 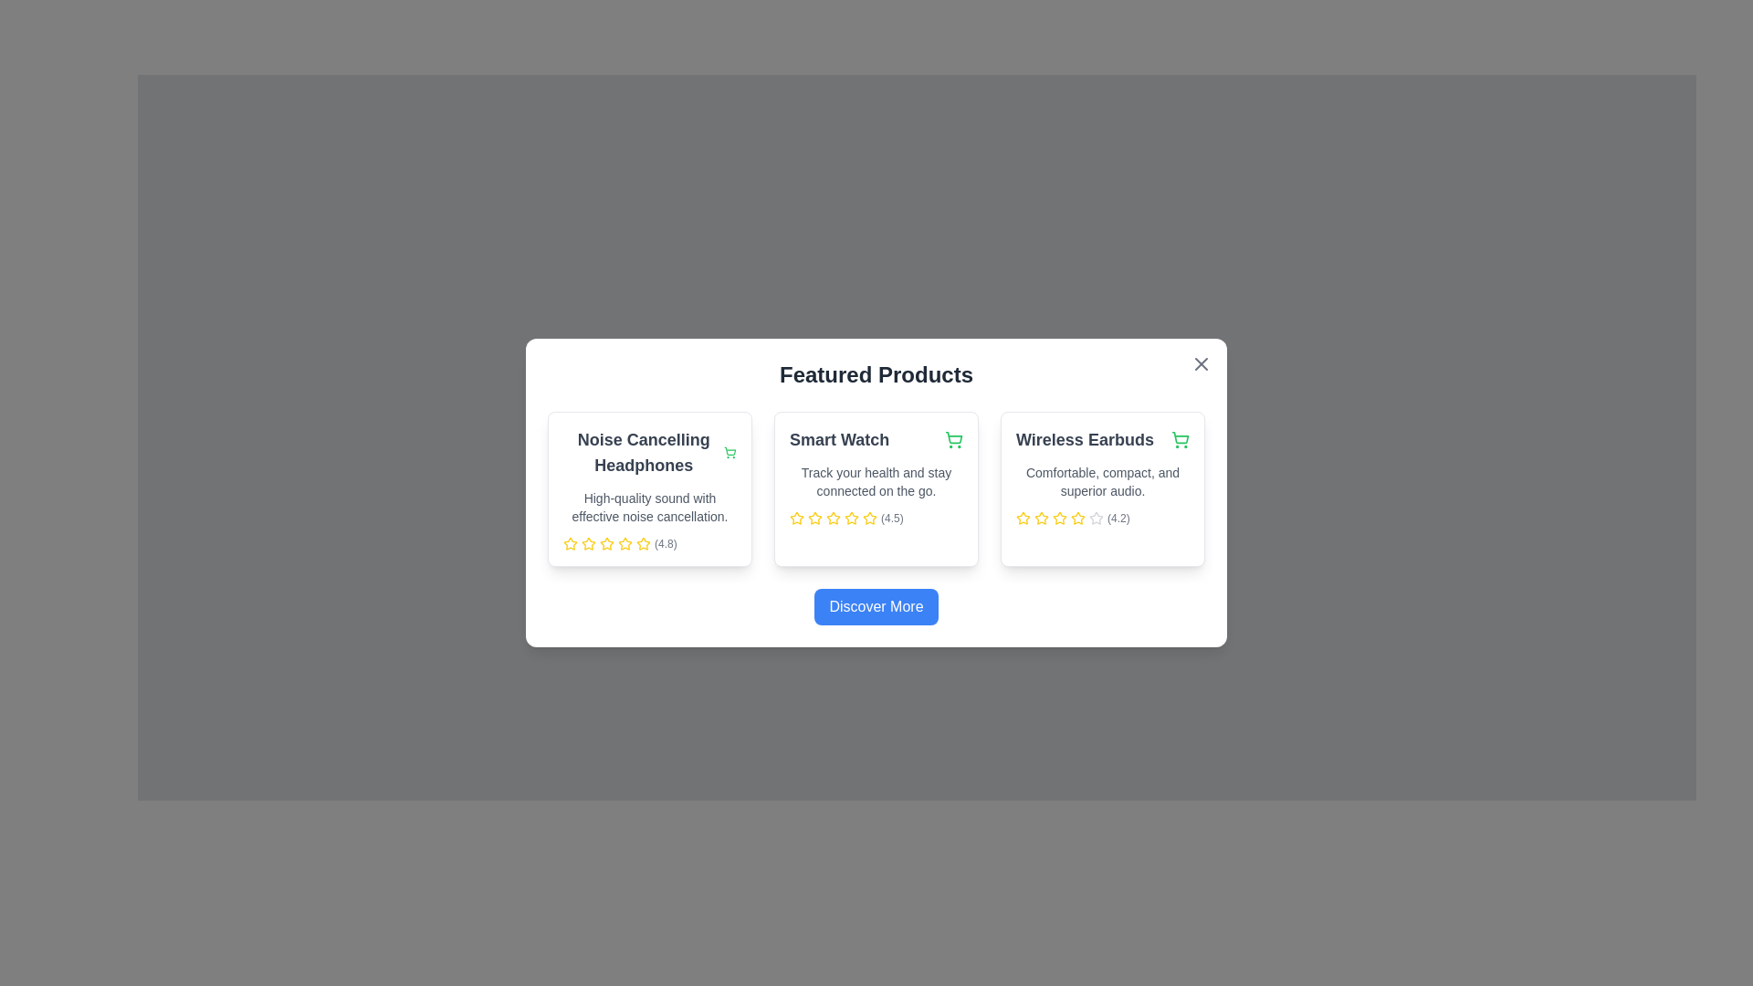 What do you see at coordinates (876, 481) in the screenshot?
I see `descriptive text about the 'Smart Watch' product located in the second card under the title 'Smart Watch' and above the star icons` at bounding box center [876, 481].